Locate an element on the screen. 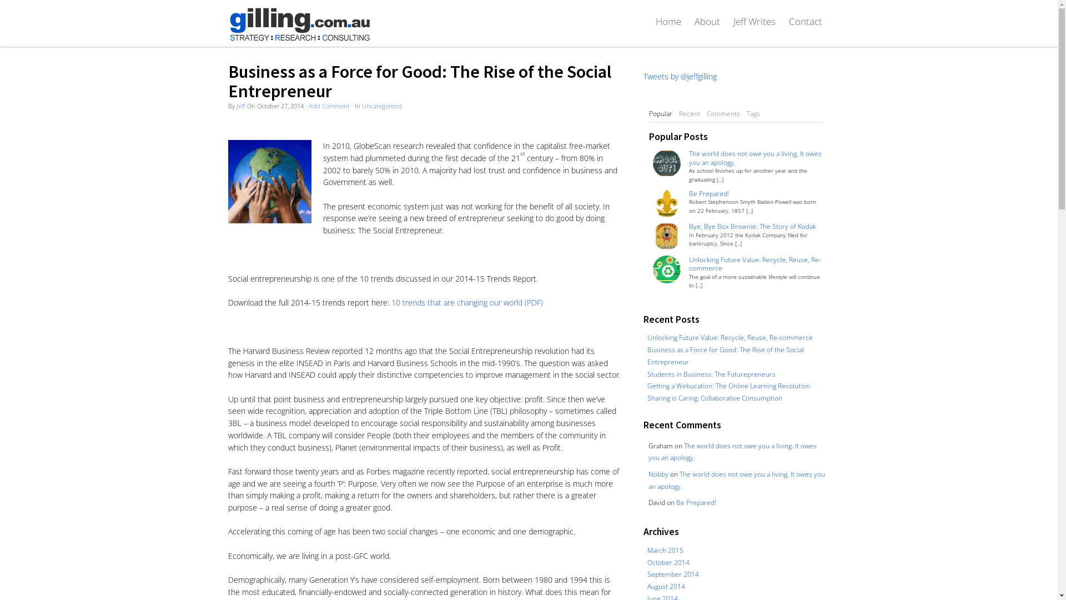 The height and width of the screenshot is (600, 1066). 'Jeff' is located at coordinates (240, 106).